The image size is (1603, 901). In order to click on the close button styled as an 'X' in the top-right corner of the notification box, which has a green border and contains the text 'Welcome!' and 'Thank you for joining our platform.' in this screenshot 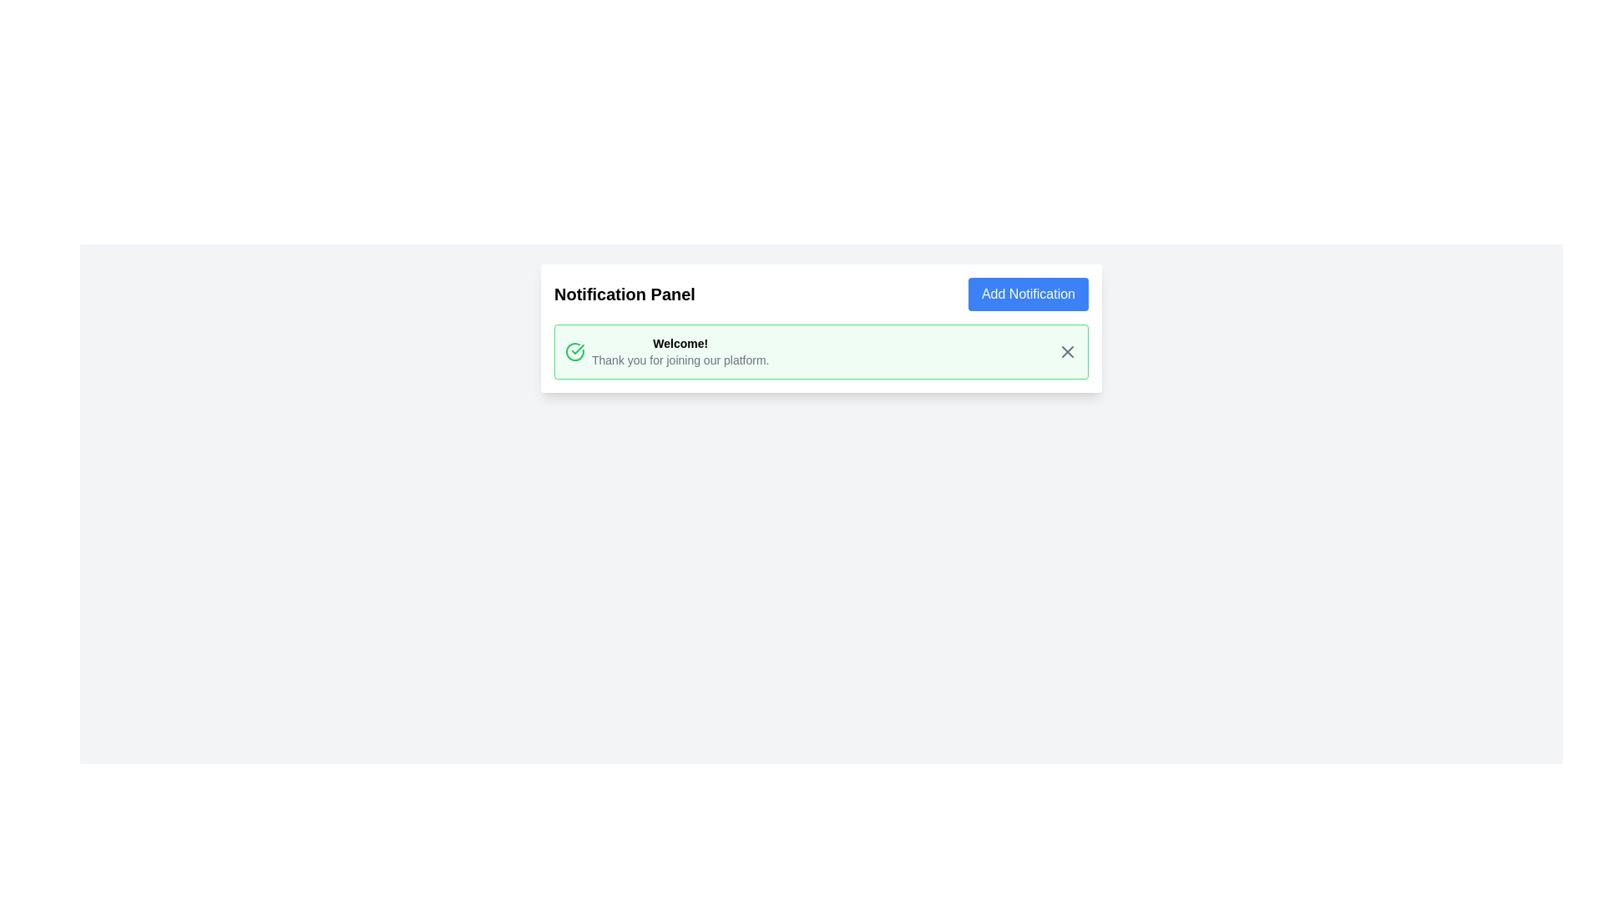, I will do `click(1066, 350)`.